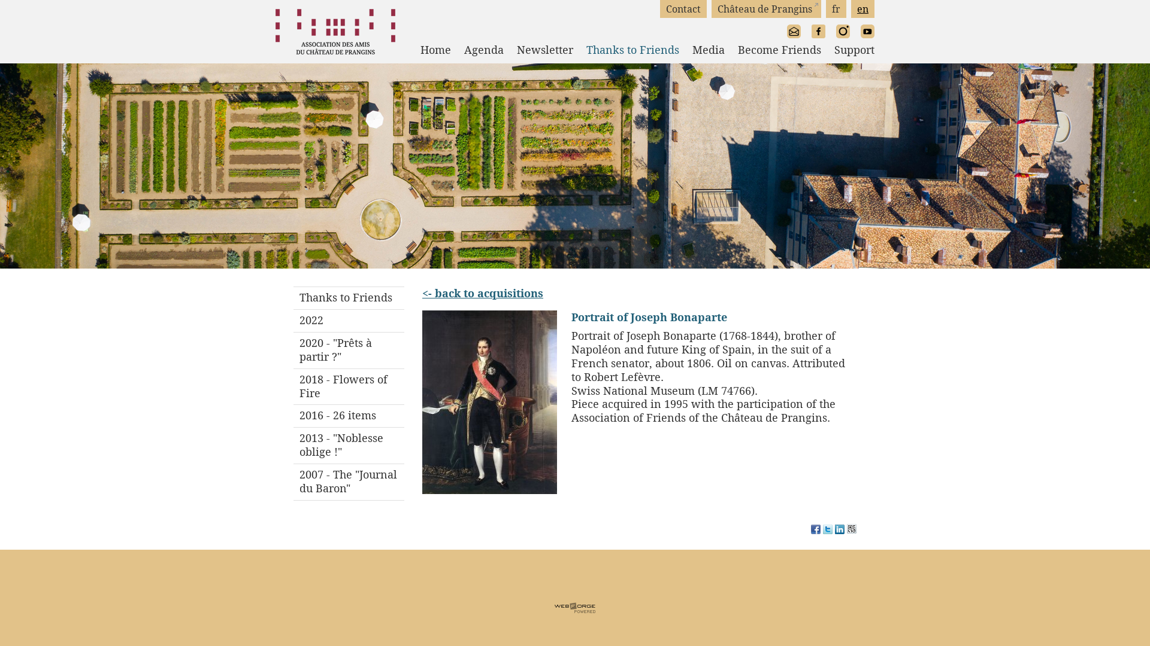 This screenshot has height=646, width=1150. Describe the element at coordinates (815, 530) in the screenshot. I see `'Partager sur Facebook'` at that location.